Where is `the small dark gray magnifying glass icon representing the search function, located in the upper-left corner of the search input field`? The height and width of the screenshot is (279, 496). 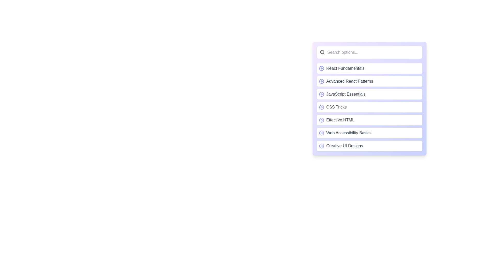 the small dark gray magnifying glass icon representing the search function, located in the upper-left corner of the search input field is located at coordinates (322, 52).